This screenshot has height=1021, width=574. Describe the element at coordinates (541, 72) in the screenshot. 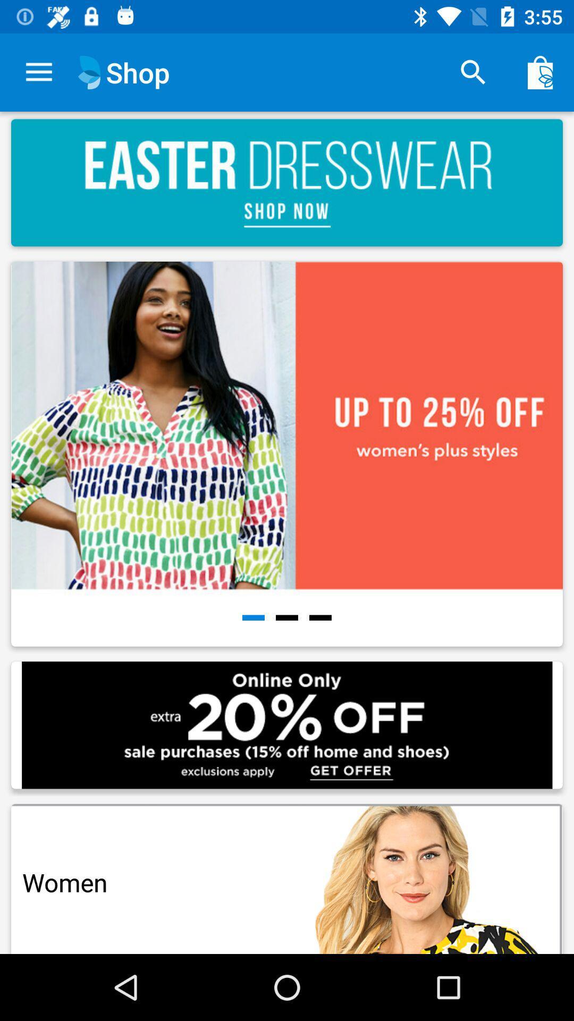

I see `the icon to the right of search bar` at that location.